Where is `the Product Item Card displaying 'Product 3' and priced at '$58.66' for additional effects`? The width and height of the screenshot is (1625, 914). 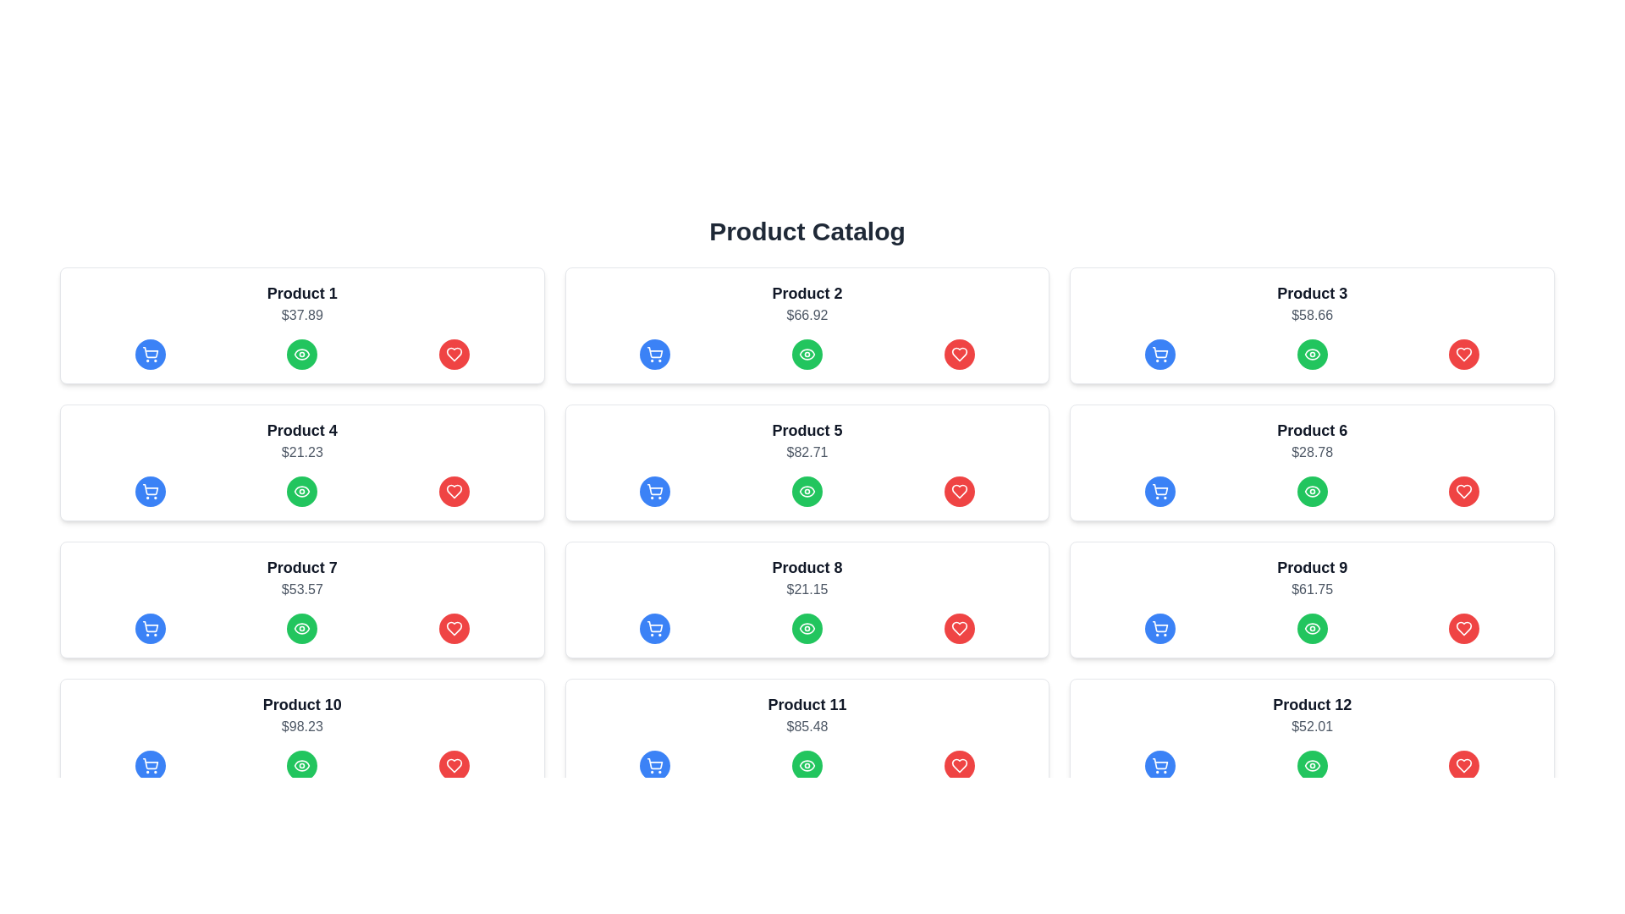
the Product Item Card displaying 'Product 3' and priced at '$58.66' for additional effects is located at coordinates (1311, 326).